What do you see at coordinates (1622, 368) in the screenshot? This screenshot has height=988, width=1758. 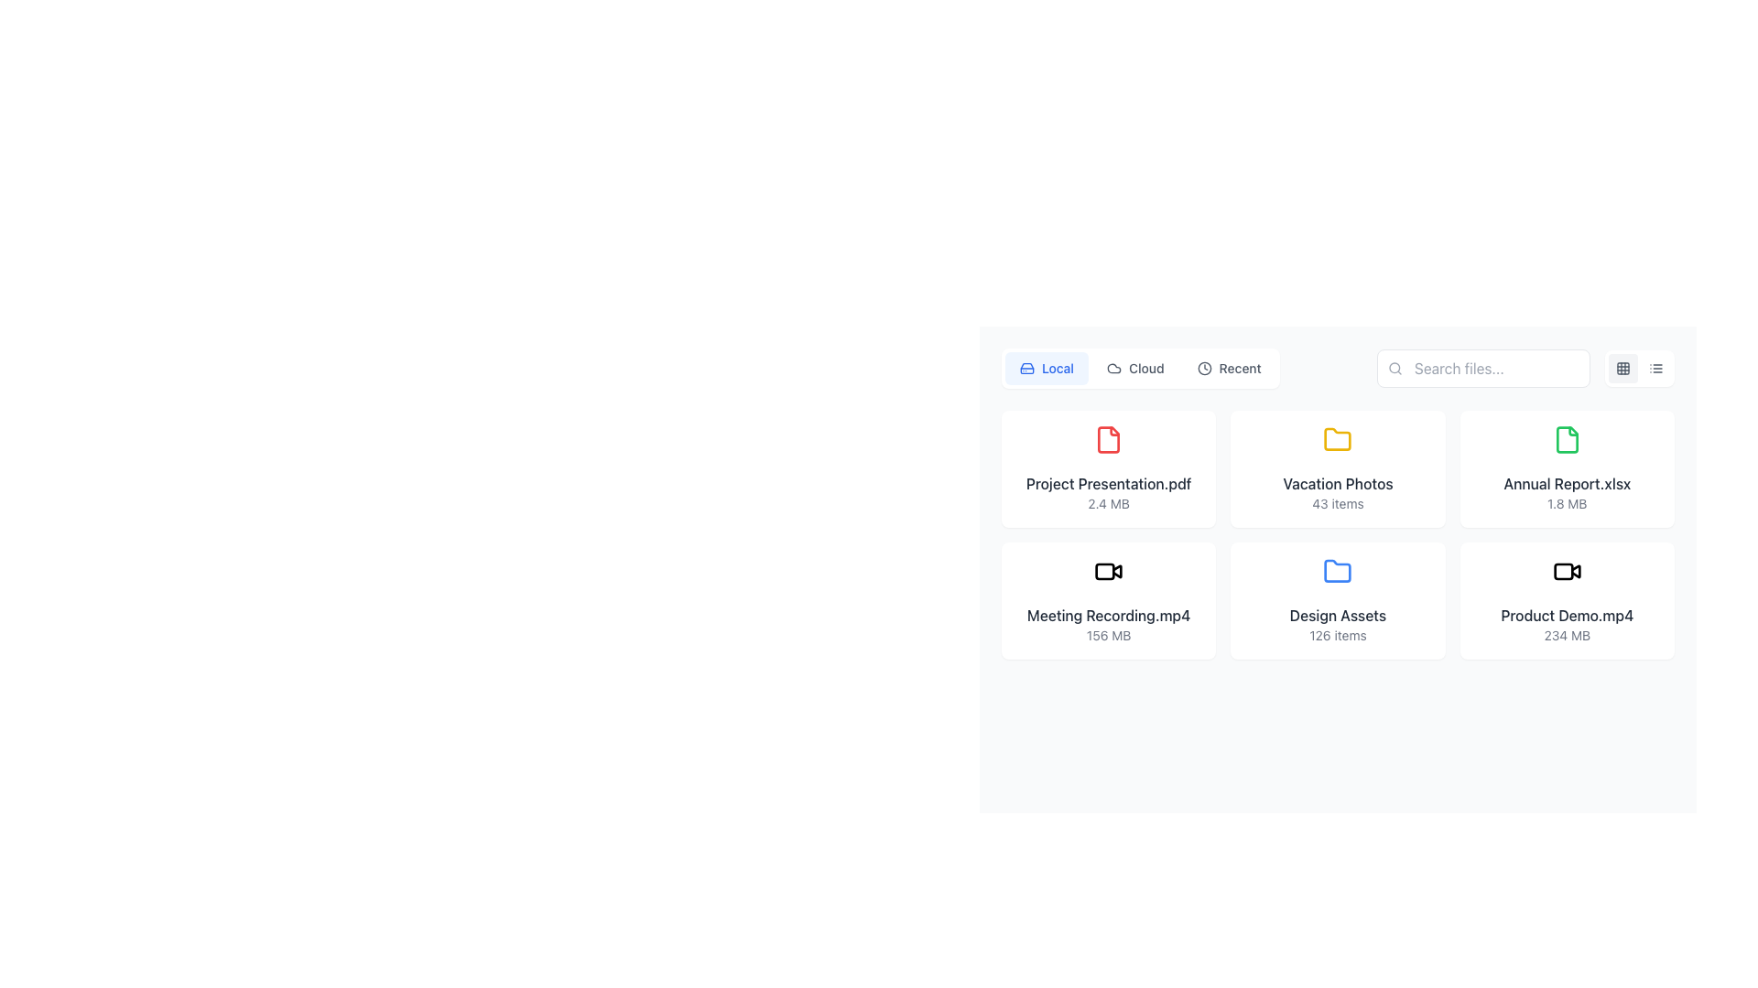 I see `the small grid icon button located at the top-right corner of the interface to change the layout view` at bounding box center [1622, 368].